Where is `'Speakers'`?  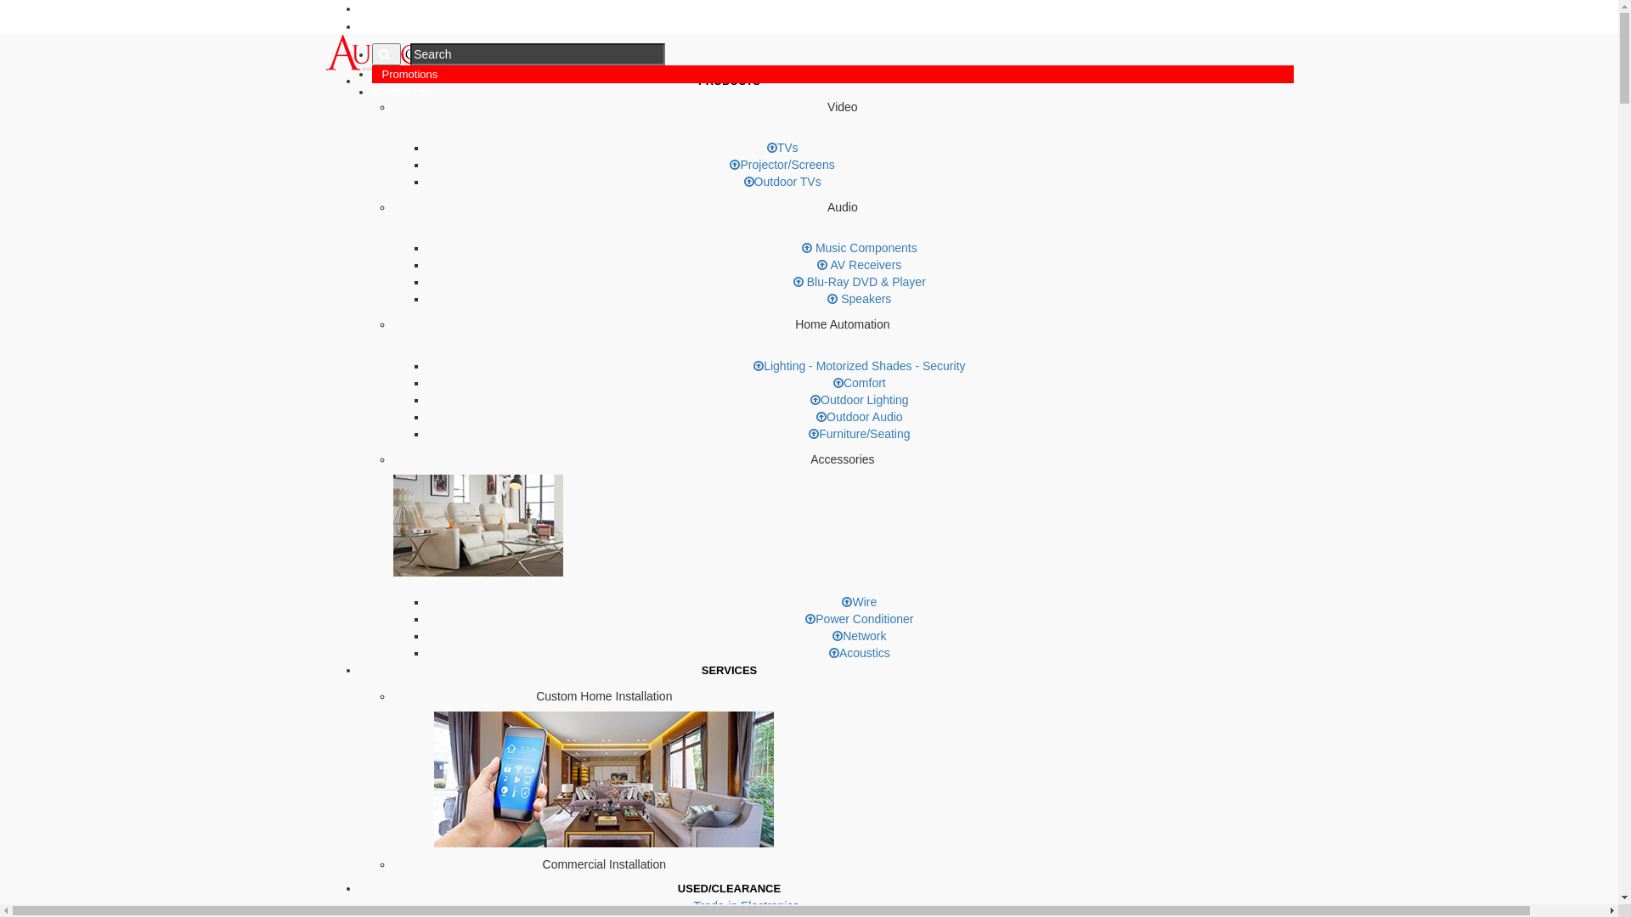 'Speakers' is located at coordinates (859, 297).